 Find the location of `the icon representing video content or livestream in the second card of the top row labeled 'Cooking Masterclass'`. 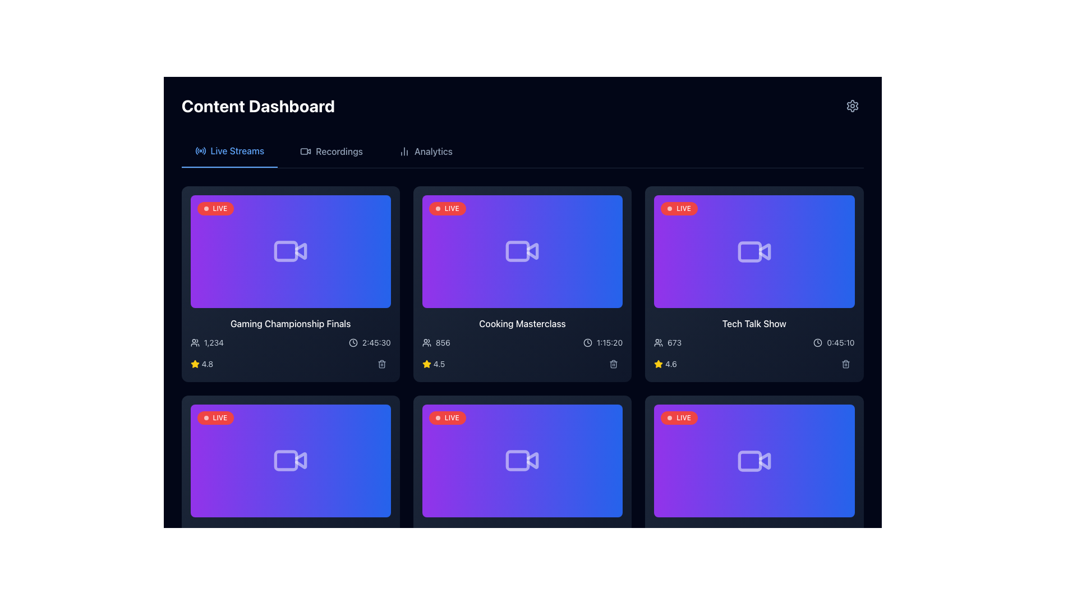

the icon representing video content or livestream in the second card of the top row labeled 'Cooking Masterclass' is located at coordinates (522, 251).